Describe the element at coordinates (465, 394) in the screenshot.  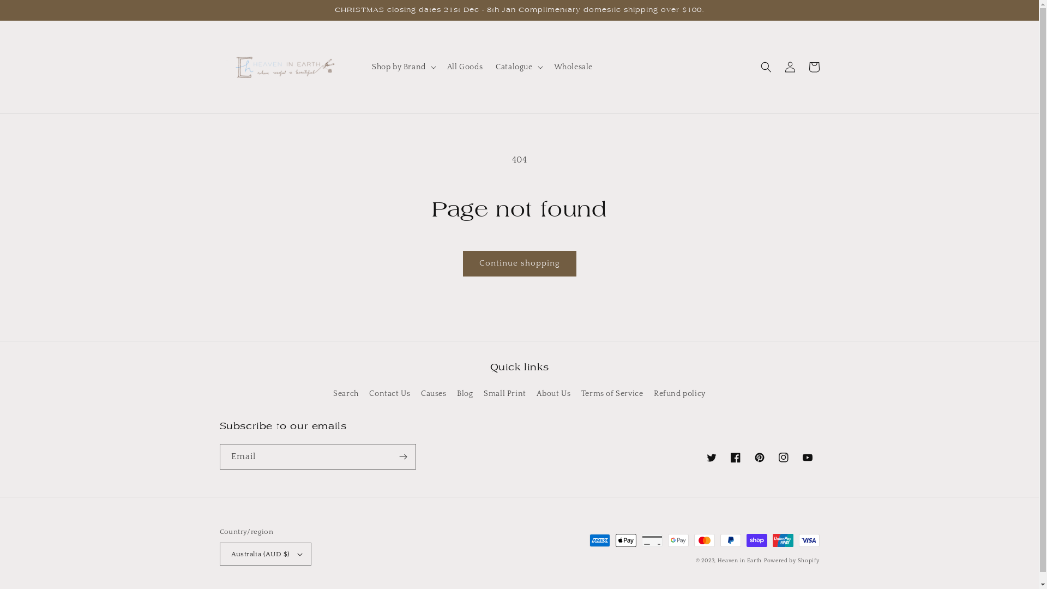
I see `'Blog'` at that location.